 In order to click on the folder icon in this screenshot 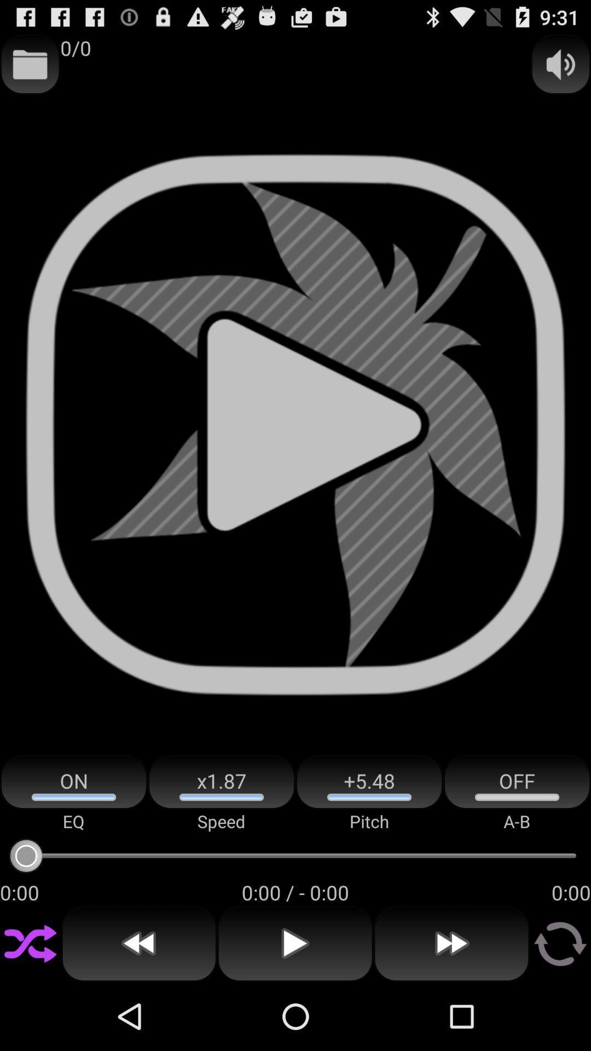, I will do `click(30, 68)`.